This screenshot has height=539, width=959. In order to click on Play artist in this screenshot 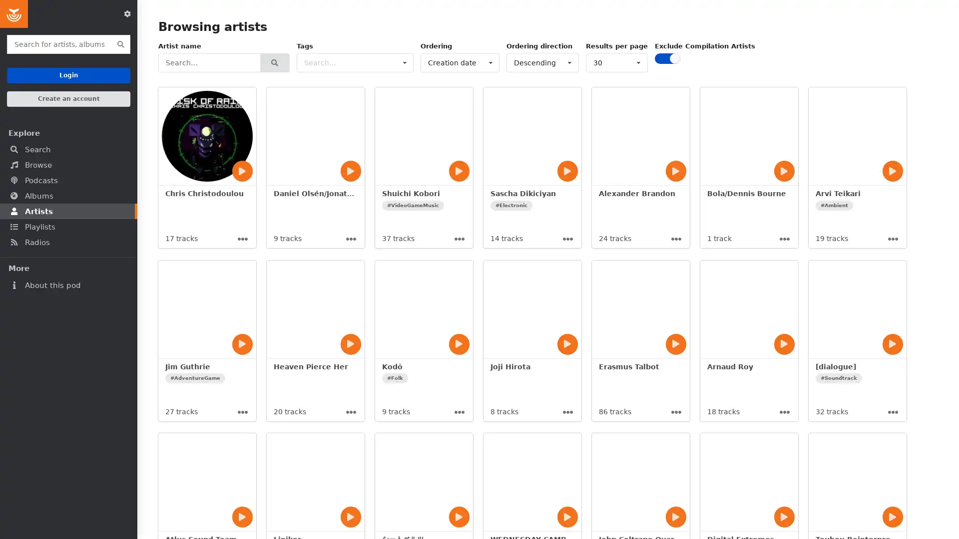, I will do `click(567, 343)`.